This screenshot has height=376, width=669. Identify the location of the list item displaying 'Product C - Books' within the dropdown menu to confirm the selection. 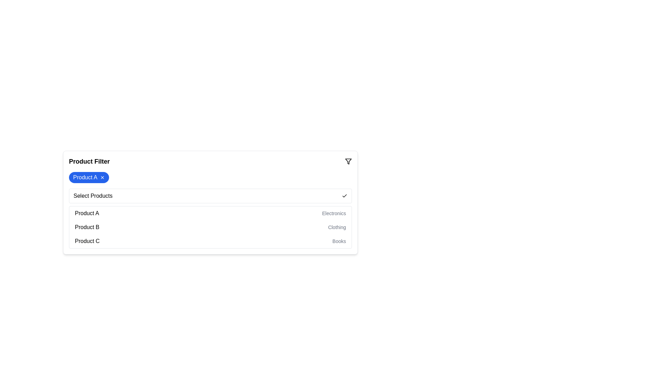
(210, 241).